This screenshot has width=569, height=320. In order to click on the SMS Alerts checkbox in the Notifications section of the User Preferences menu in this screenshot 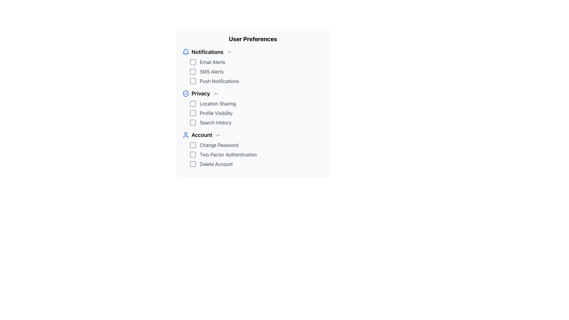, I will do `click(256, 71)`.